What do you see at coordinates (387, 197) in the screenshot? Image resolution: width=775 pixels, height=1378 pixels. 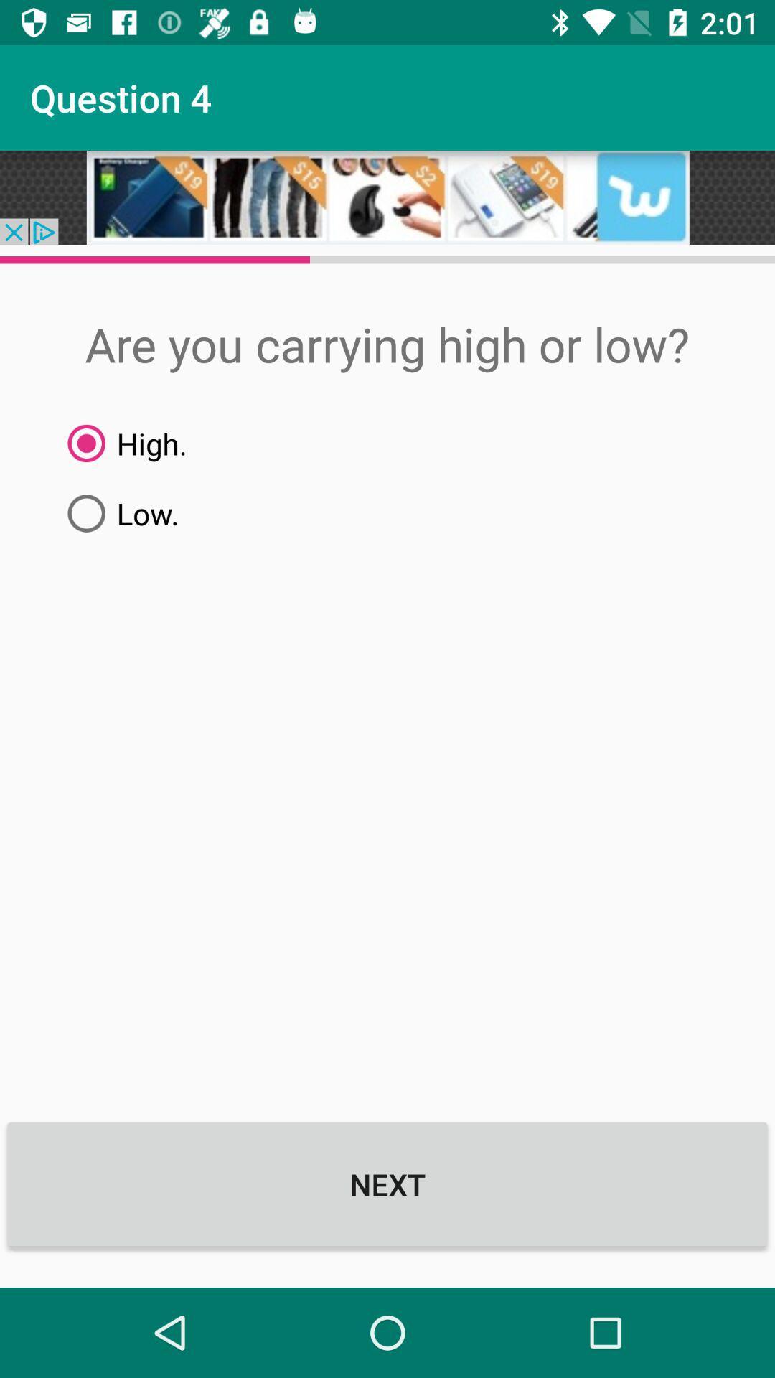 I see `advertisement` at bounding box center [387, 197].